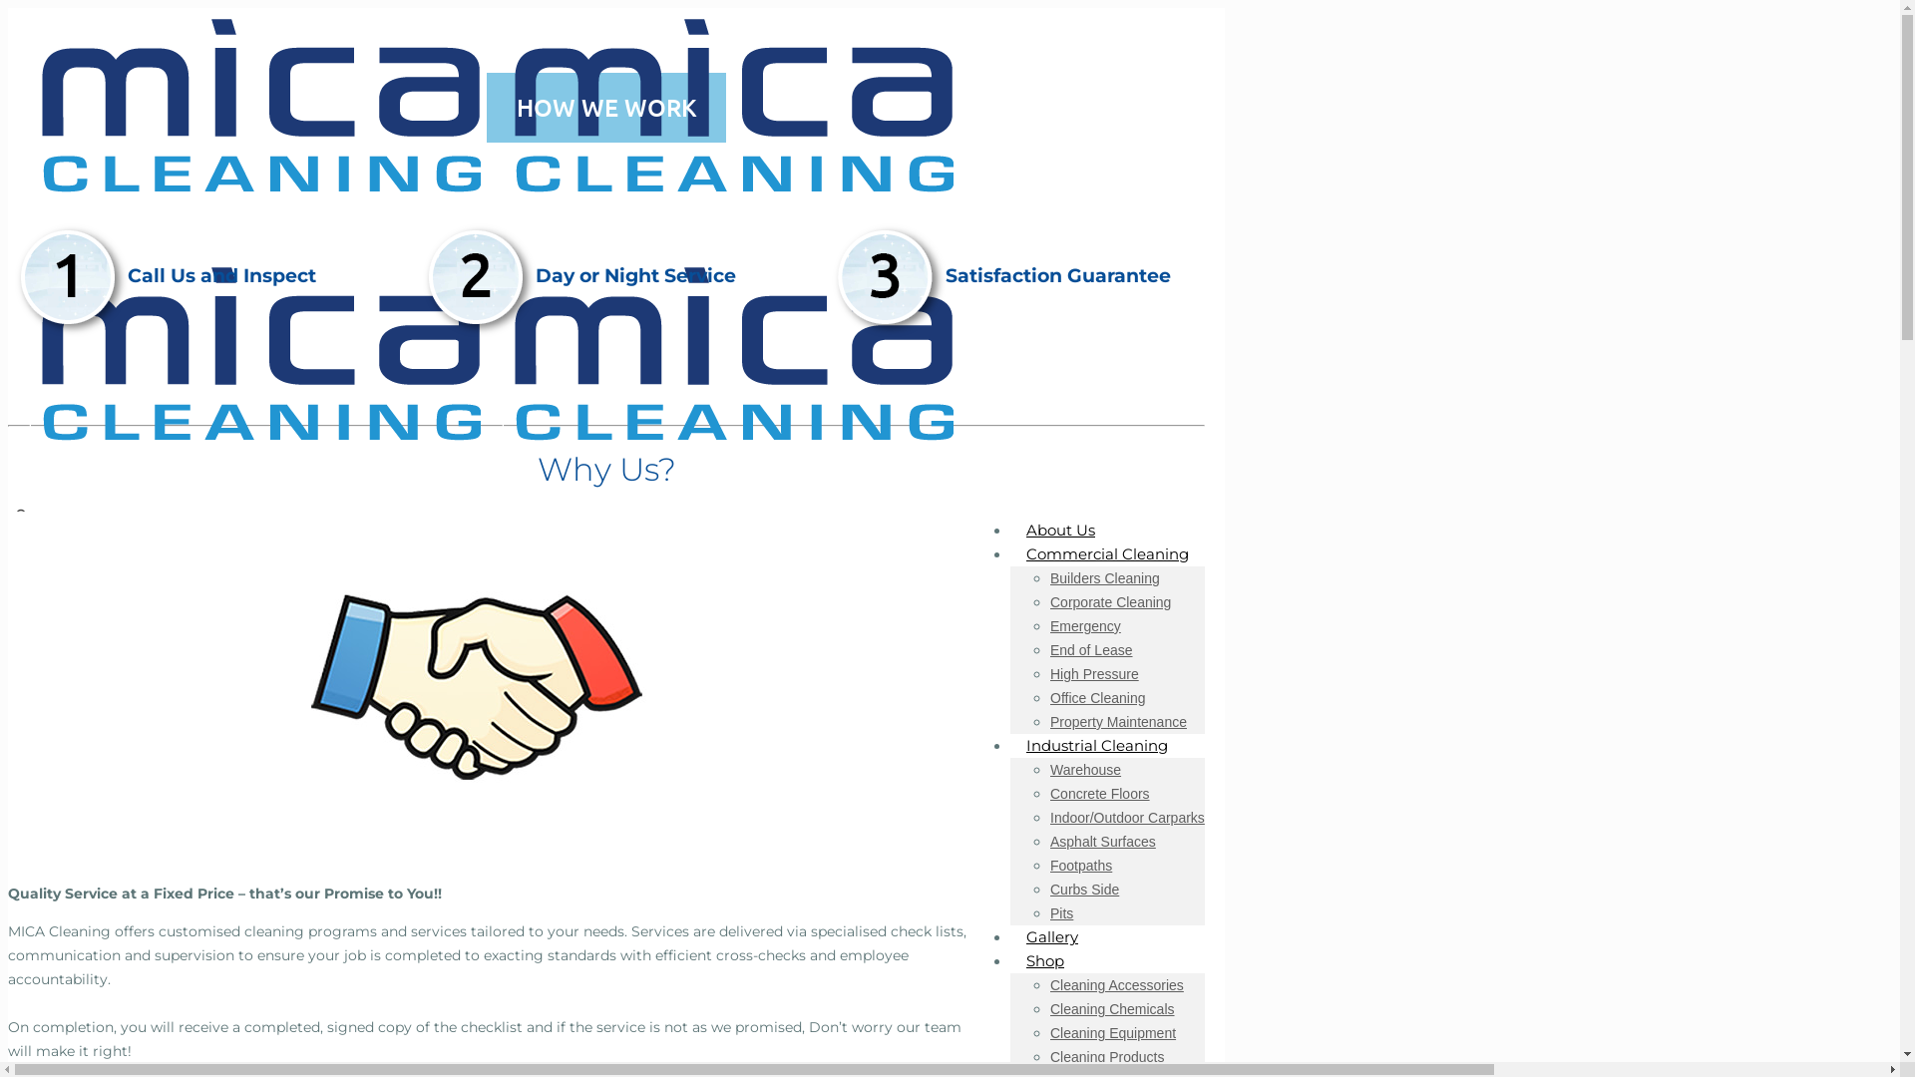 The width and height of the screenshot is (1915, 1077). I want to click on 'Footpaths', so click(1080, 864).